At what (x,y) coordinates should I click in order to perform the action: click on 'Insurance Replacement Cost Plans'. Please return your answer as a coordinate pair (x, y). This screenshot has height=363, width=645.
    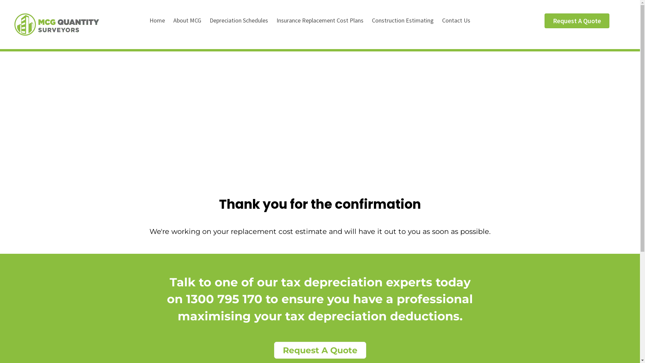
    Looking at the image, I should click on (324, 19).